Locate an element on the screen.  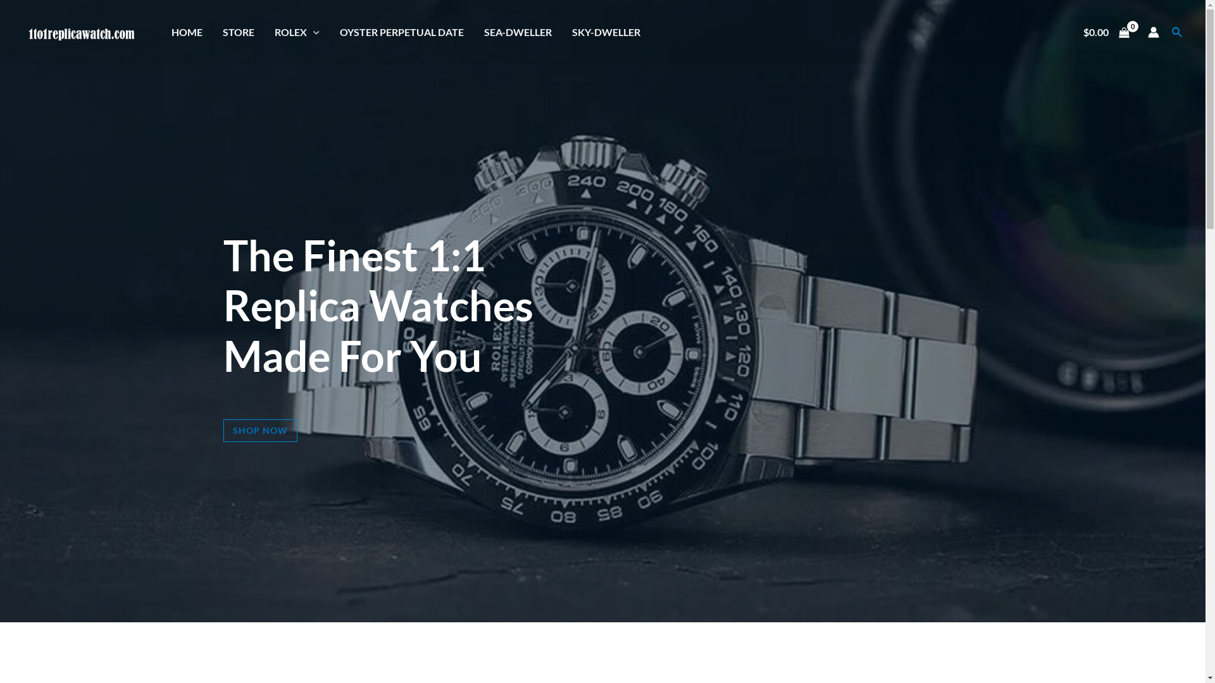
'$0.00' is located at coordinates (1106, 31).